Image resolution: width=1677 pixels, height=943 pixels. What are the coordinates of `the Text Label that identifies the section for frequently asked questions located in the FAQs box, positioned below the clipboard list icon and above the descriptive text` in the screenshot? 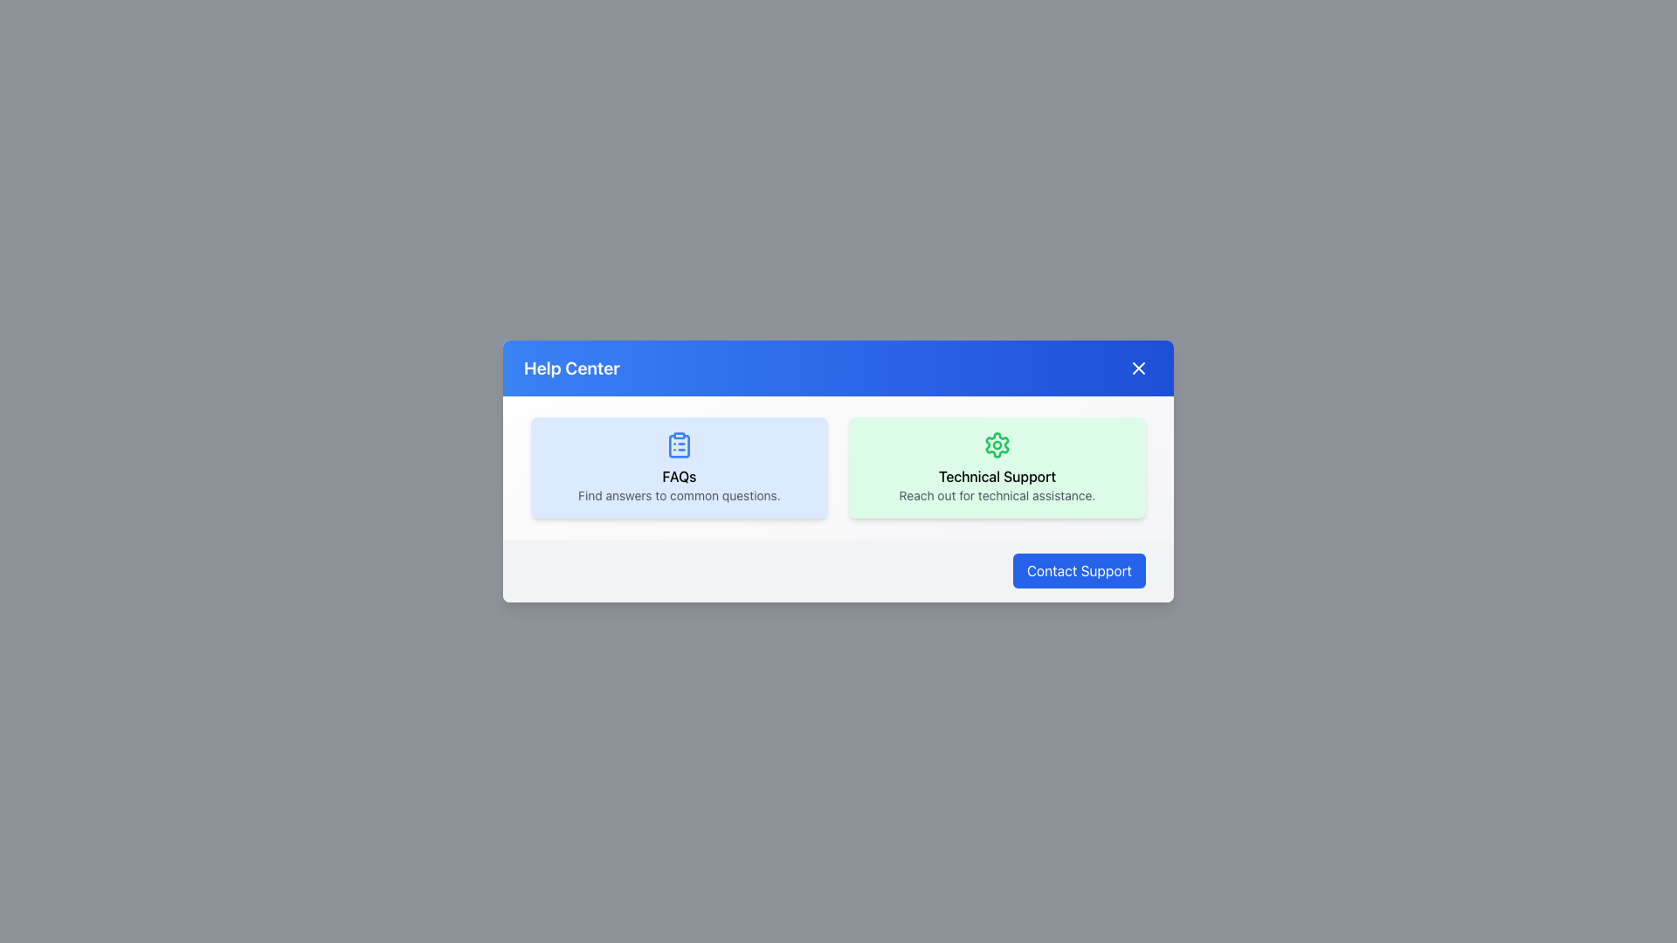 It's located at (678, 477).